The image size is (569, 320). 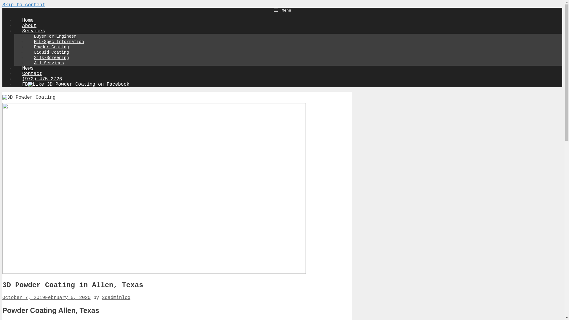 I want to click on '3D Powder Coating', so click(x=28, y=97).